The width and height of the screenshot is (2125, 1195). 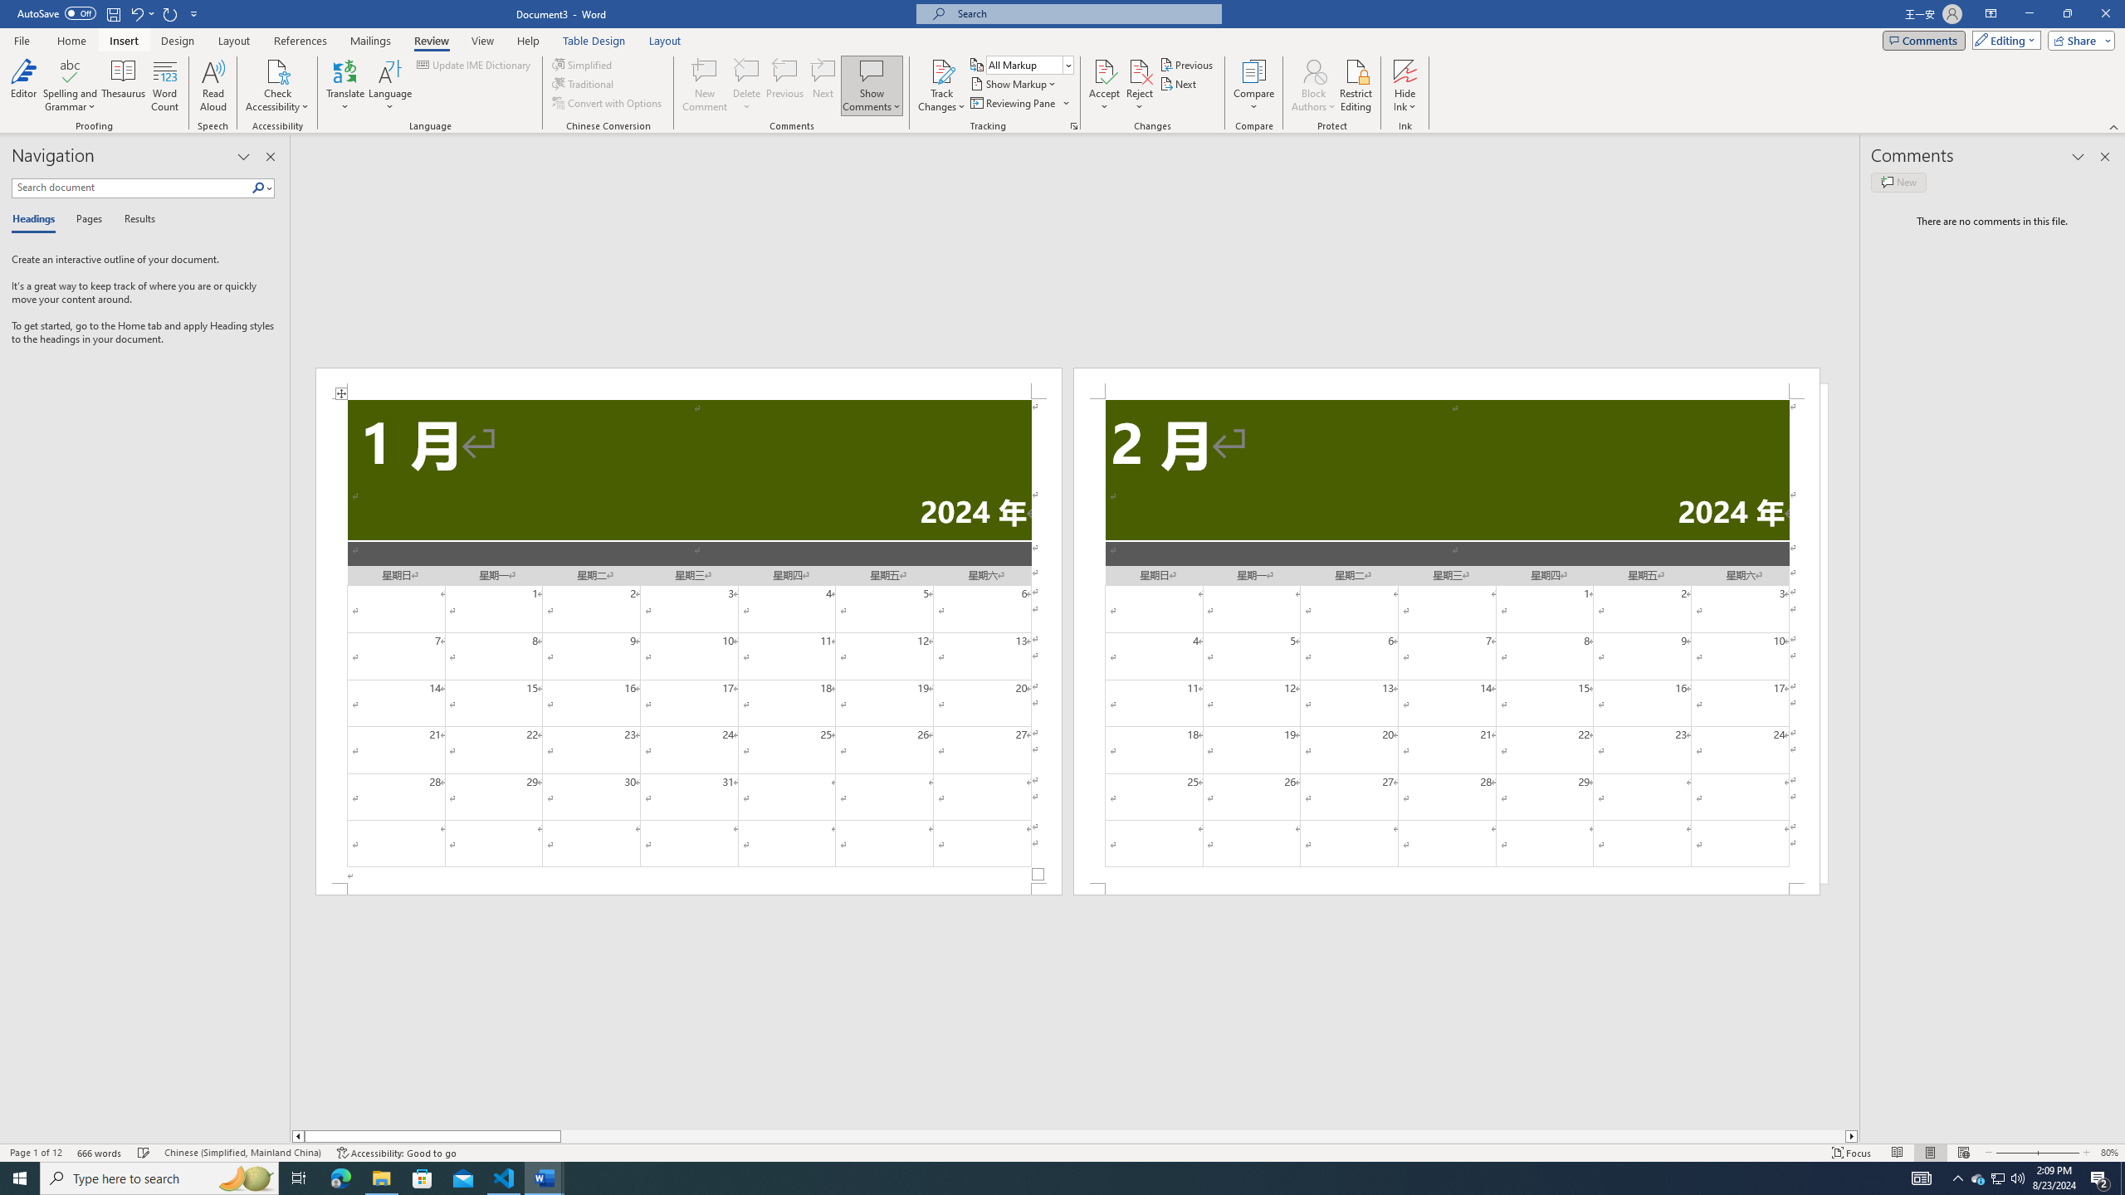 I want to click on 'Page 2 content', so click(x=1446, y=641).